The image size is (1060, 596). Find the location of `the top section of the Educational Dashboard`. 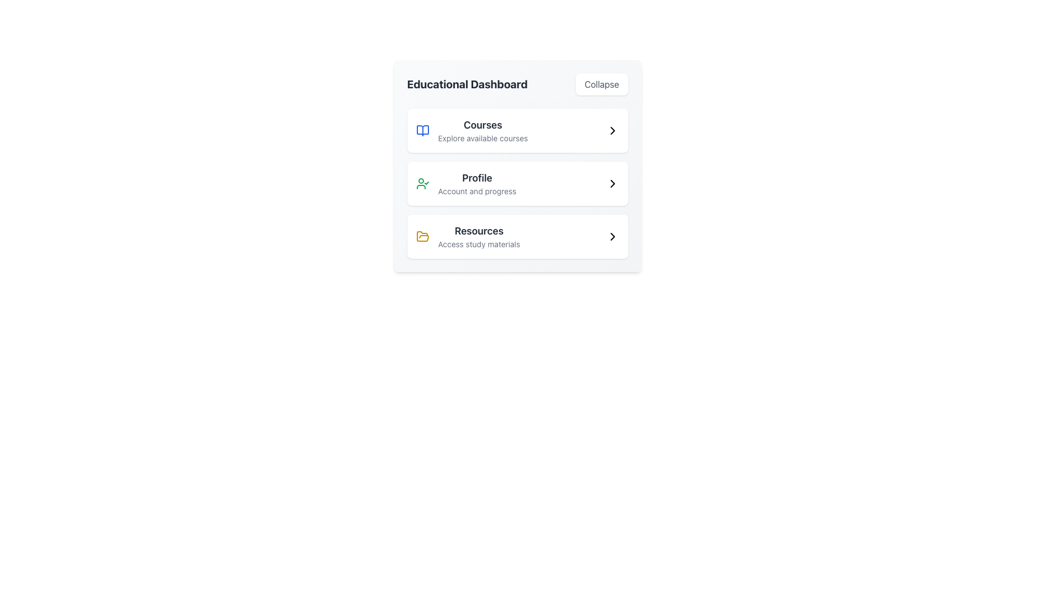

the top section of the Educational Dashboard is located at coordinates (517, 130).